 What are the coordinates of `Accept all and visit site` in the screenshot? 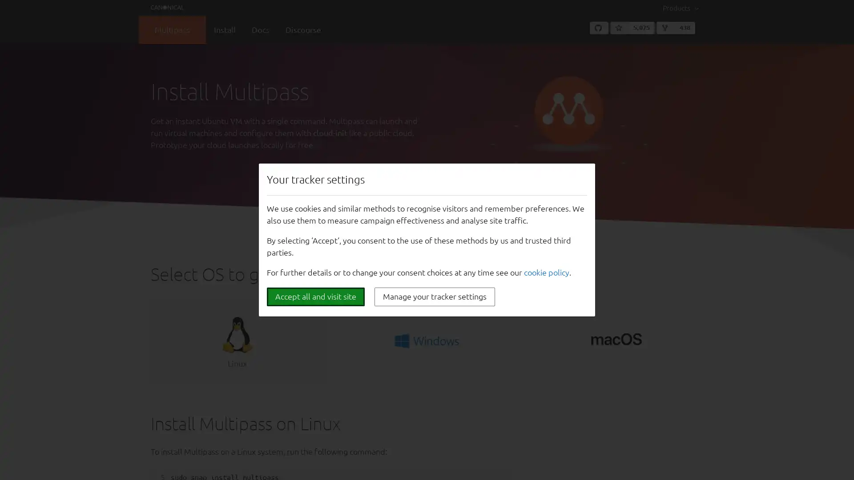 It's located at (316, 296).